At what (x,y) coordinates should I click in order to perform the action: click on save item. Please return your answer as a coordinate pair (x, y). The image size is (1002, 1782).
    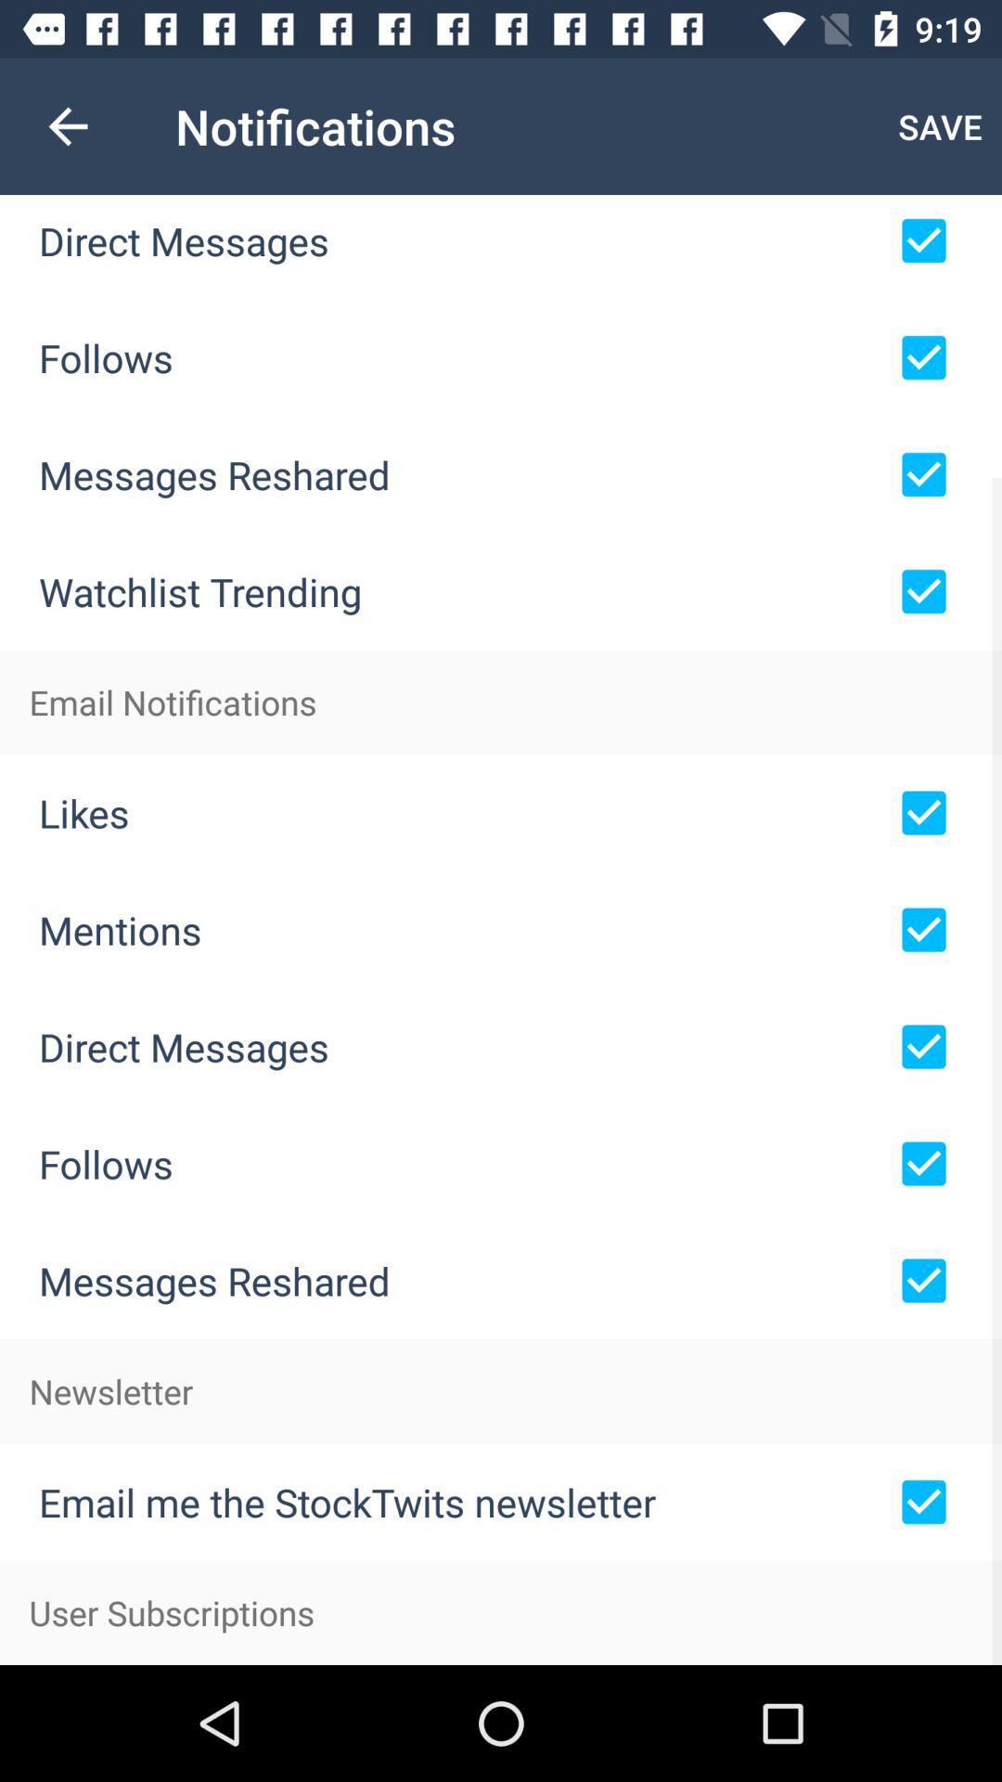
    Looking at the image, I should click on (940, 125).